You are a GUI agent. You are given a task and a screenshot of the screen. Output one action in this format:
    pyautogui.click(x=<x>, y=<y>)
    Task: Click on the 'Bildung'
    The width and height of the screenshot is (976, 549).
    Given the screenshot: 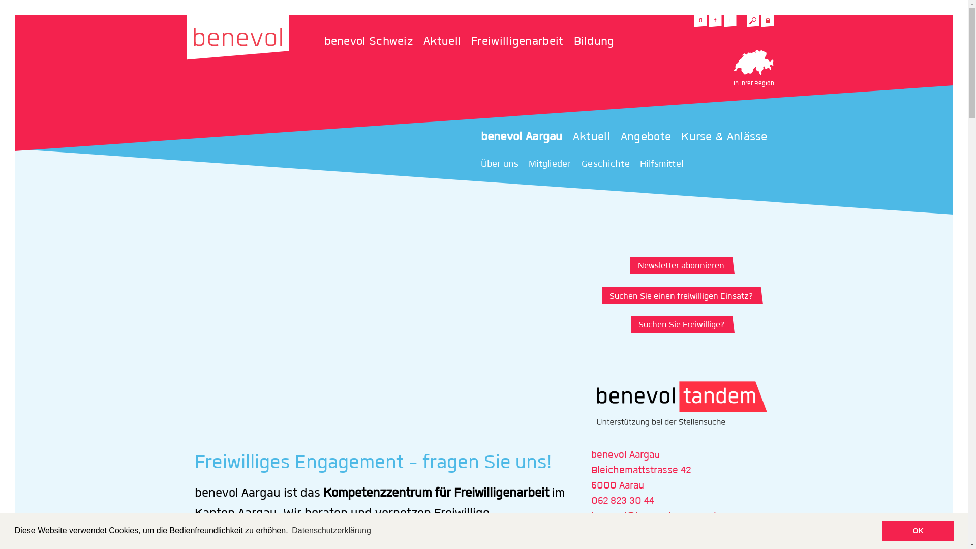 What is the action you would take?
    pyautogui.click(x=573, y=41)
    